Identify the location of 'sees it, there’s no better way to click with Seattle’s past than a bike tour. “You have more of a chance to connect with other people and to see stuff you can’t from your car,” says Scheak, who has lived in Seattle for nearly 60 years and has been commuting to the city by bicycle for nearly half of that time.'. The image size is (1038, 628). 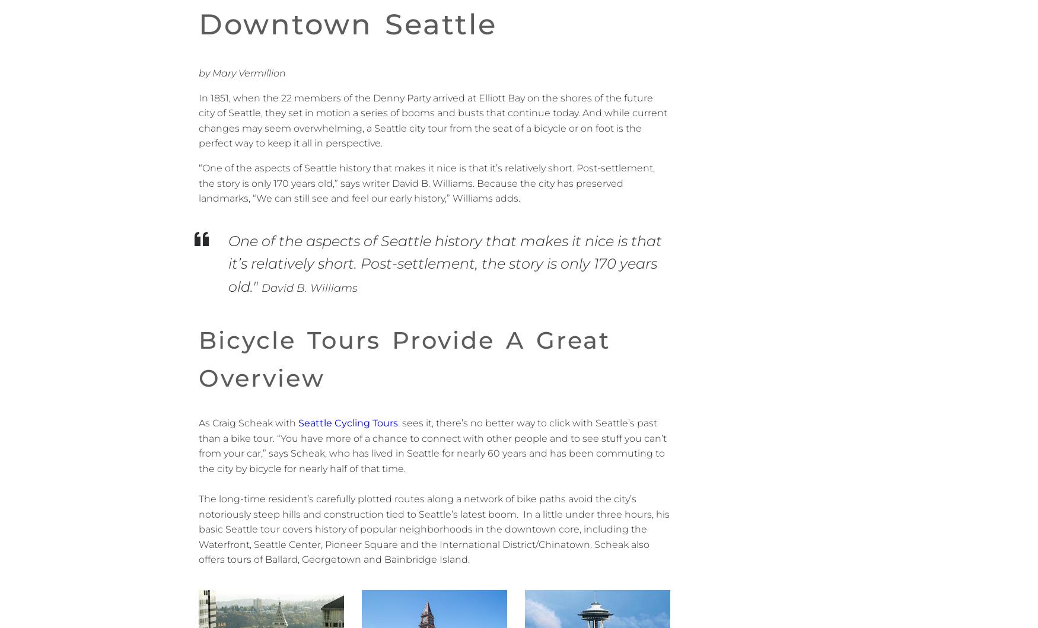
(432, 445).